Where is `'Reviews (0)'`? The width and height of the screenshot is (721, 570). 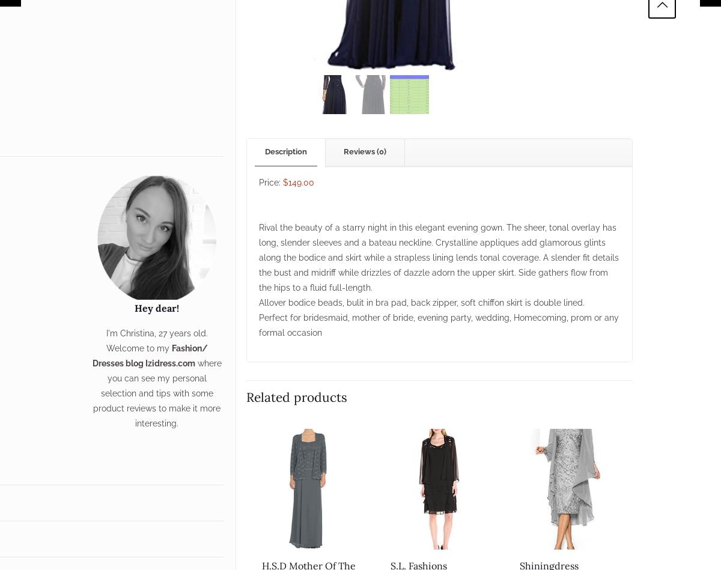 'Reviews (0)' is located at coordinates (364, 150).